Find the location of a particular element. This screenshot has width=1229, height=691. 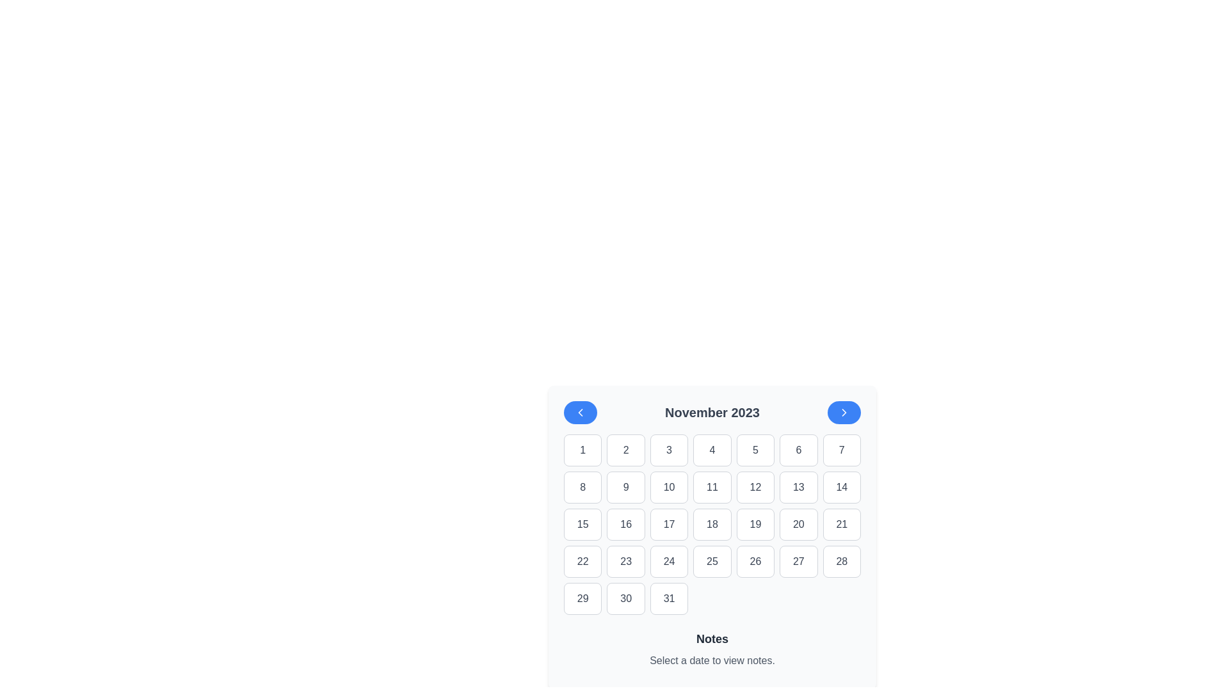

the text label 'November 2023' prominently displayed at the top center of the calendar widget is located at coordinates (712, 412).